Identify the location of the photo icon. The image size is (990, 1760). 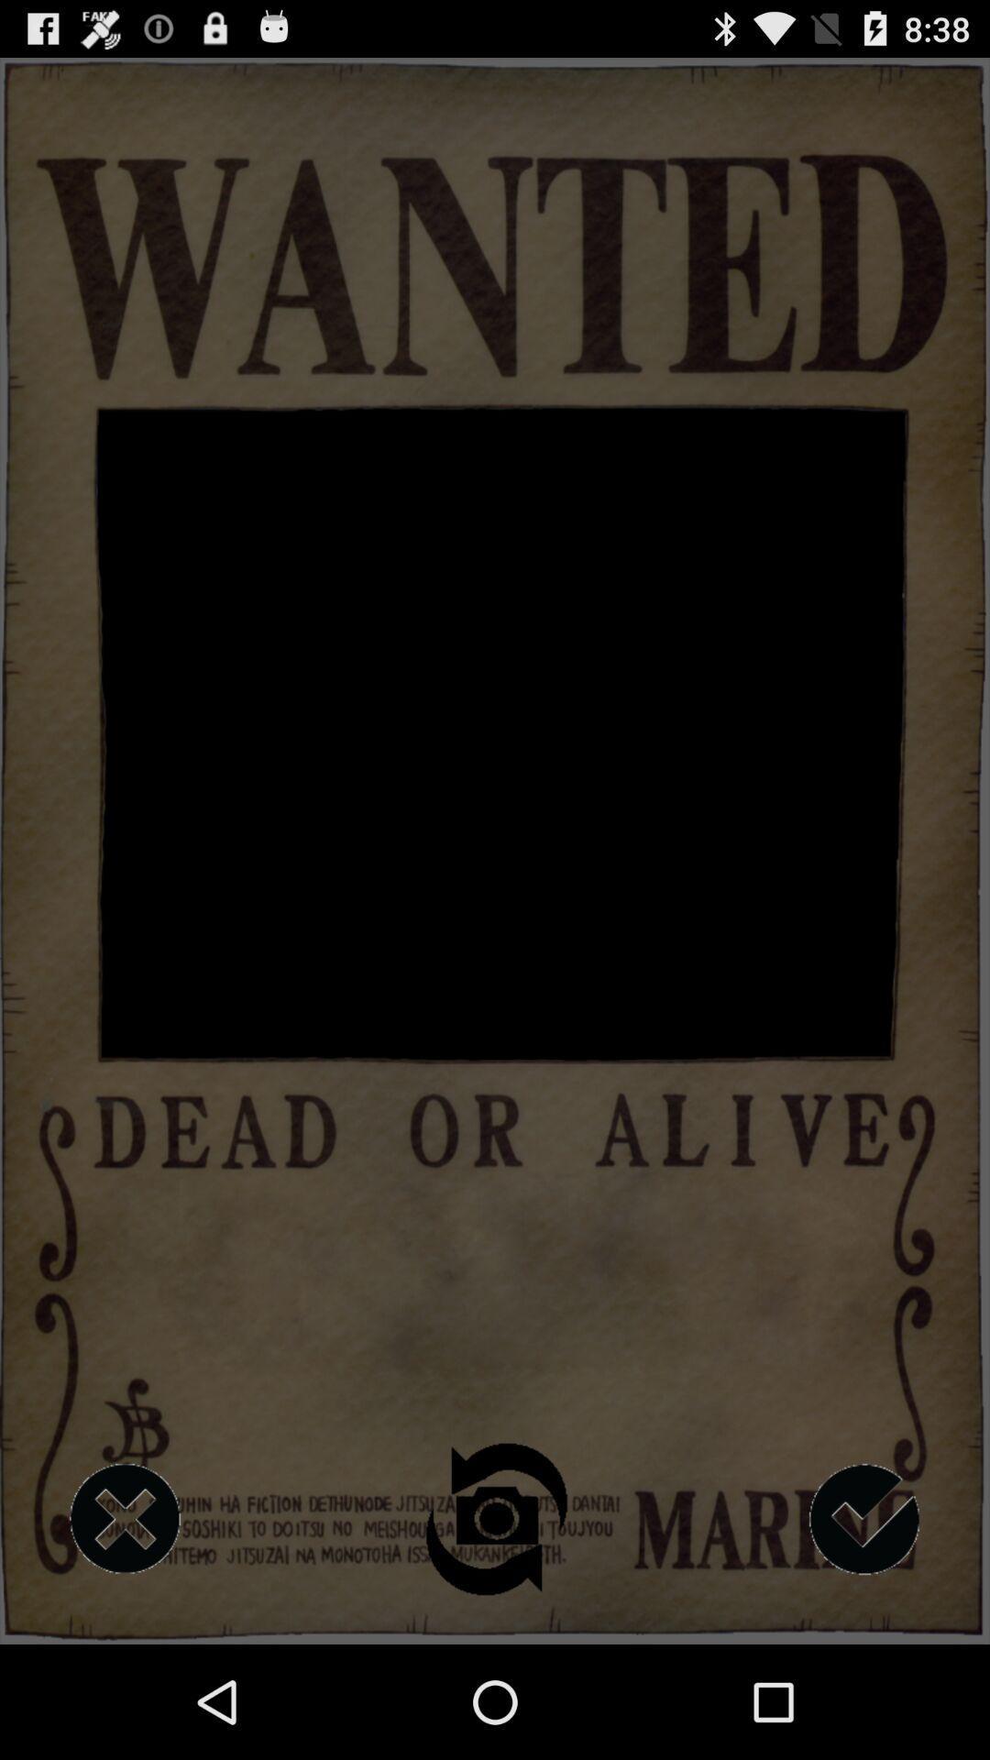
(495, 1625).